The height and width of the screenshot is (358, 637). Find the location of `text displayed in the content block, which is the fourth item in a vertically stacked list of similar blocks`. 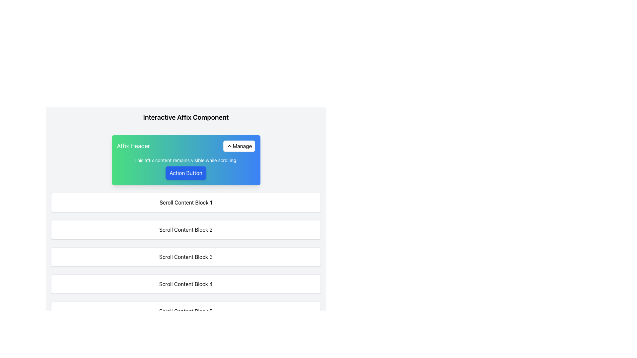

text displayed in the content block, which is the fourth item in a vertically stacked list of similar blocks is located at coordinates (186, 283).